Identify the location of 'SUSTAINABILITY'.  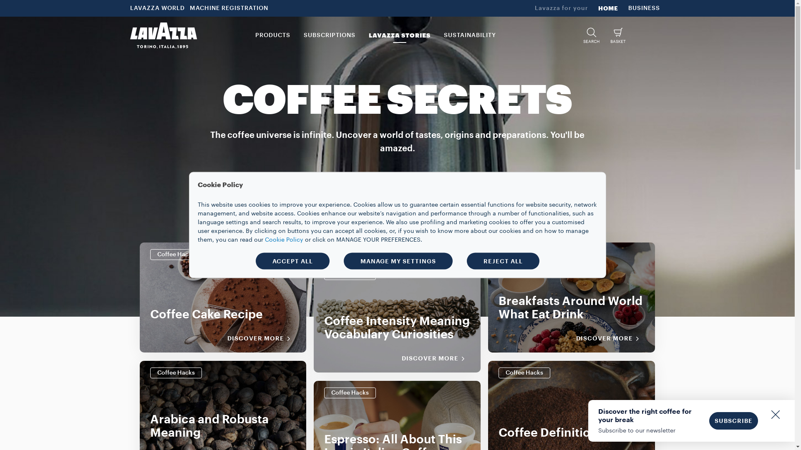
(470, 35).